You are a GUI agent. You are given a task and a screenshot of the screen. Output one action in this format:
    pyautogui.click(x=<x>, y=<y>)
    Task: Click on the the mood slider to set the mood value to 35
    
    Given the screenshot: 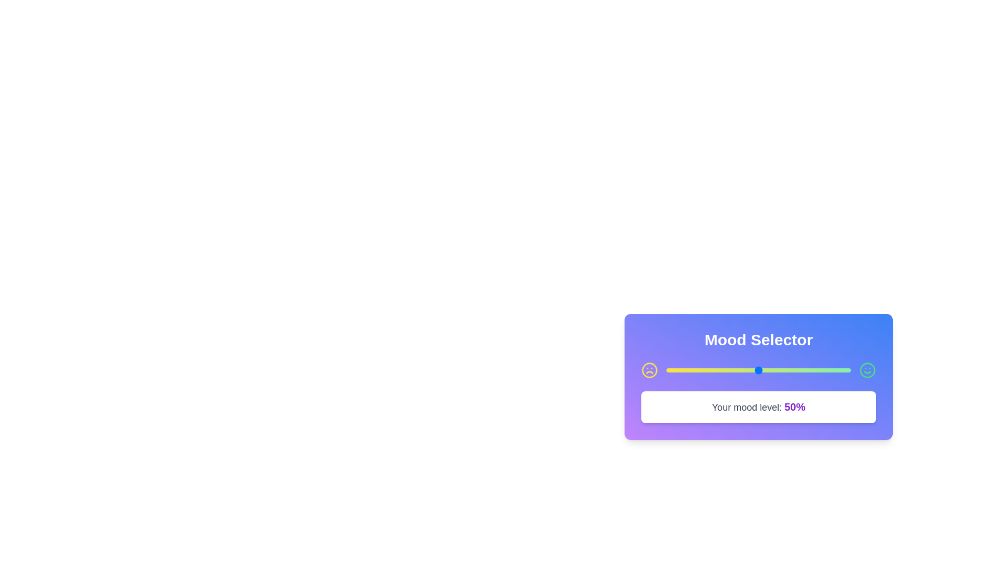 What is the action you would take?
    pyautogui.click(x=730, y=370)
    